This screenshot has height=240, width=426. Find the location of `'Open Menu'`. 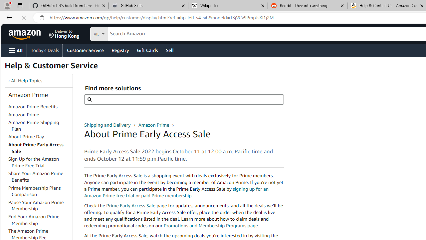

'Open Menu' is located at coordinates (16, 50).